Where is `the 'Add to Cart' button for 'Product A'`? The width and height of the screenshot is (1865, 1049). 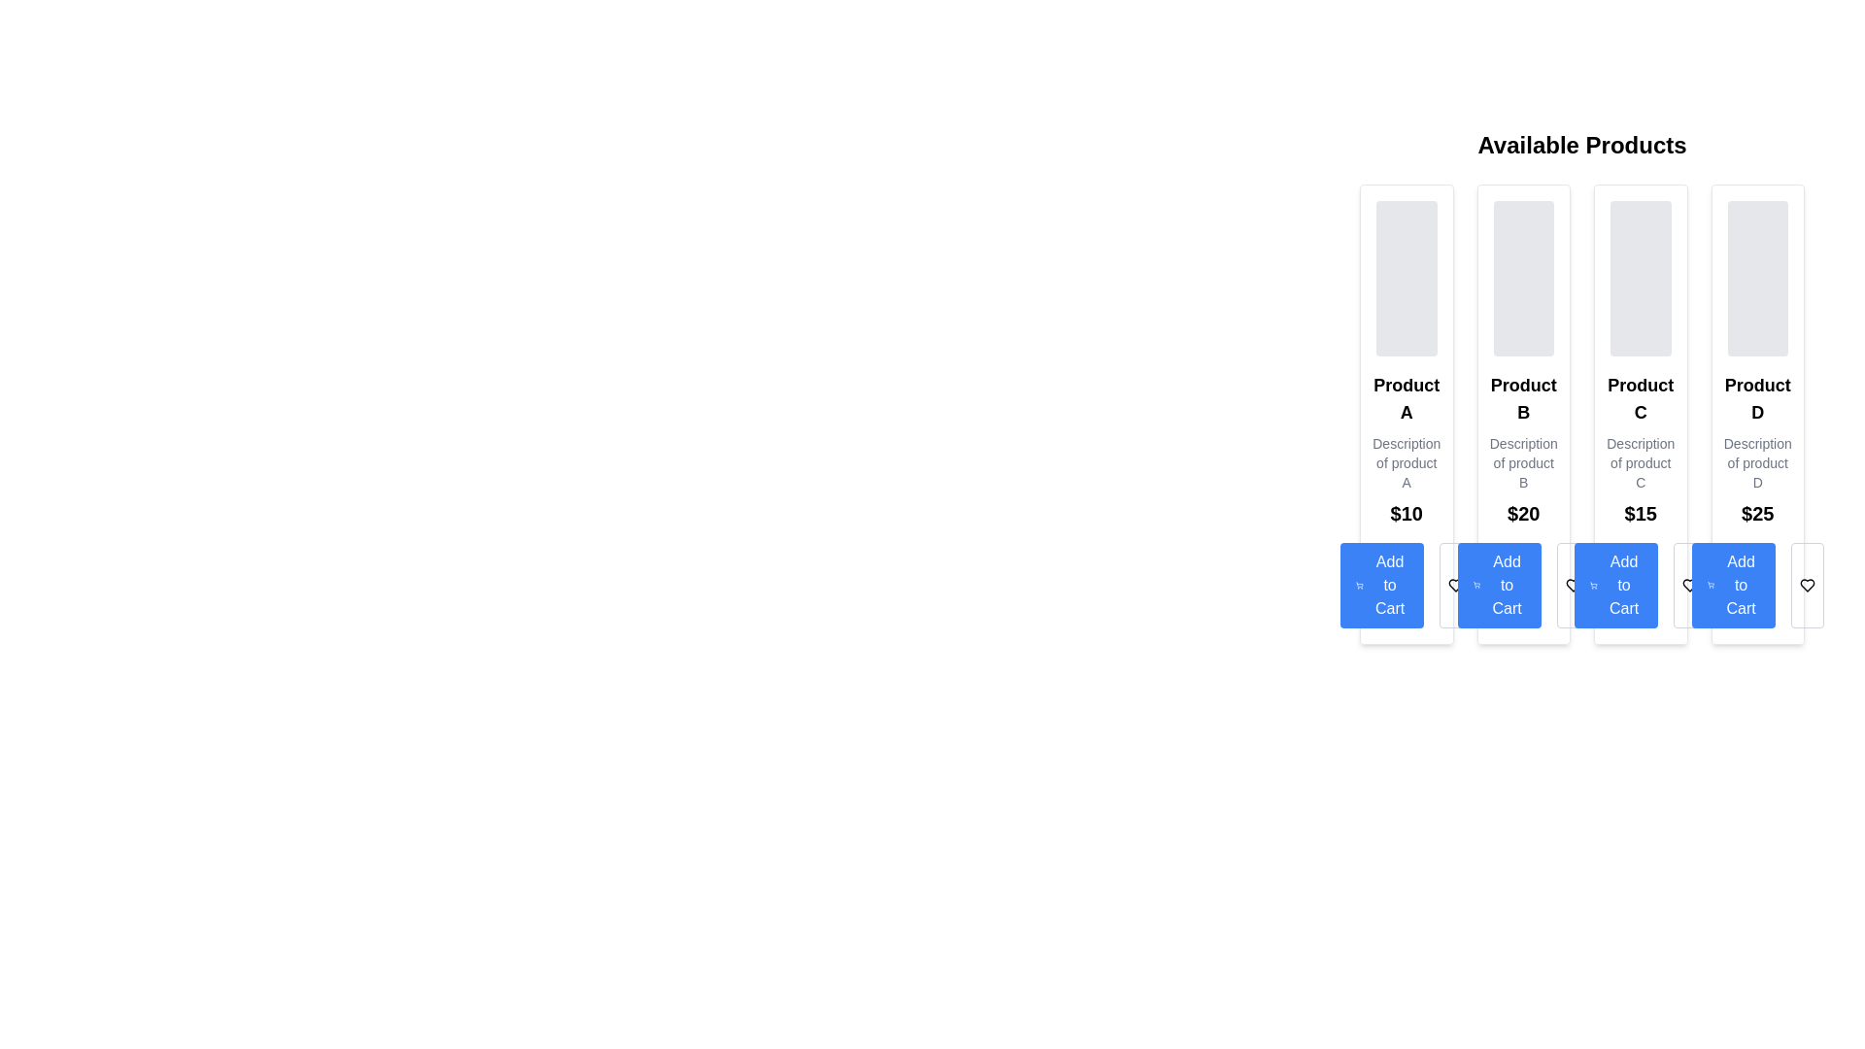 the 'Add to Cart' button for 'Product A' is located at coordinates (1407, 584).